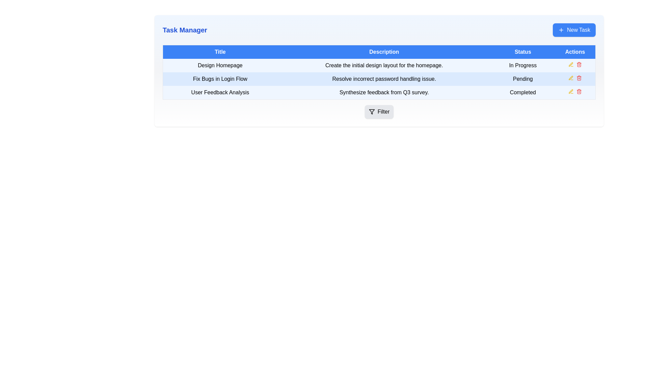 The width and height of the screenshot is (648, 365). What do you see at coordinates (574, 29) in the screenshot?
I see `the 'New Task' button with a blue background and white text, then press Enter to activate it` at bounding box center [574, 29].